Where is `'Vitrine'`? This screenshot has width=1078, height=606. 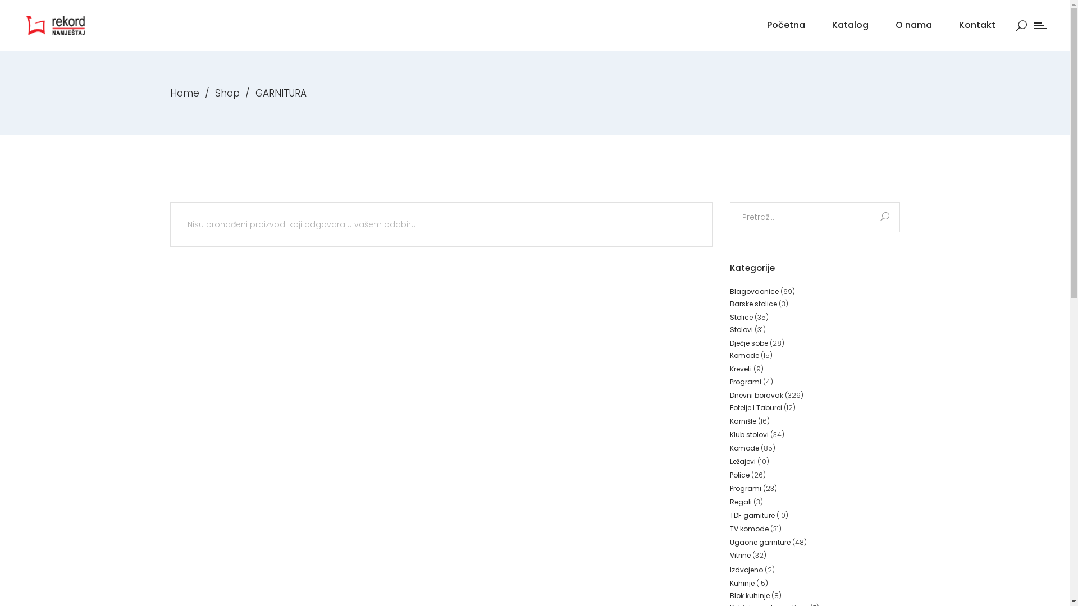 'Vitrine' is located at coordinates (740, 554).